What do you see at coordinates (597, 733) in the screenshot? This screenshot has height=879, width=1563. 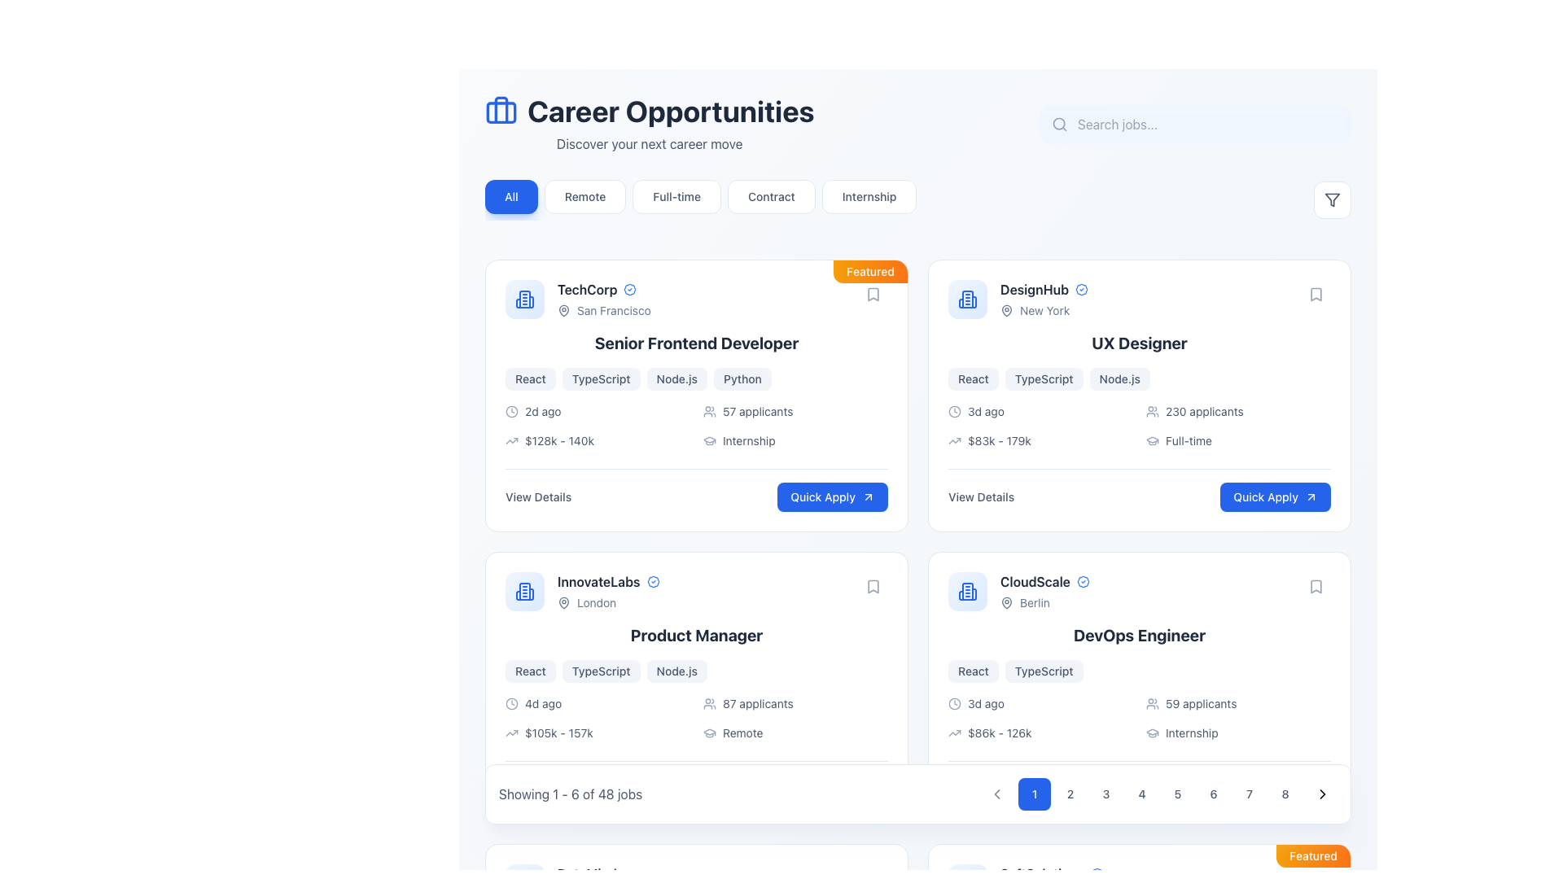 I see `the salary range display located in the bottom-left section of the 'InnovateLabs' card for the 'Product Manager' position to interpret the displayed salary information` at bounding box center [597, 733].